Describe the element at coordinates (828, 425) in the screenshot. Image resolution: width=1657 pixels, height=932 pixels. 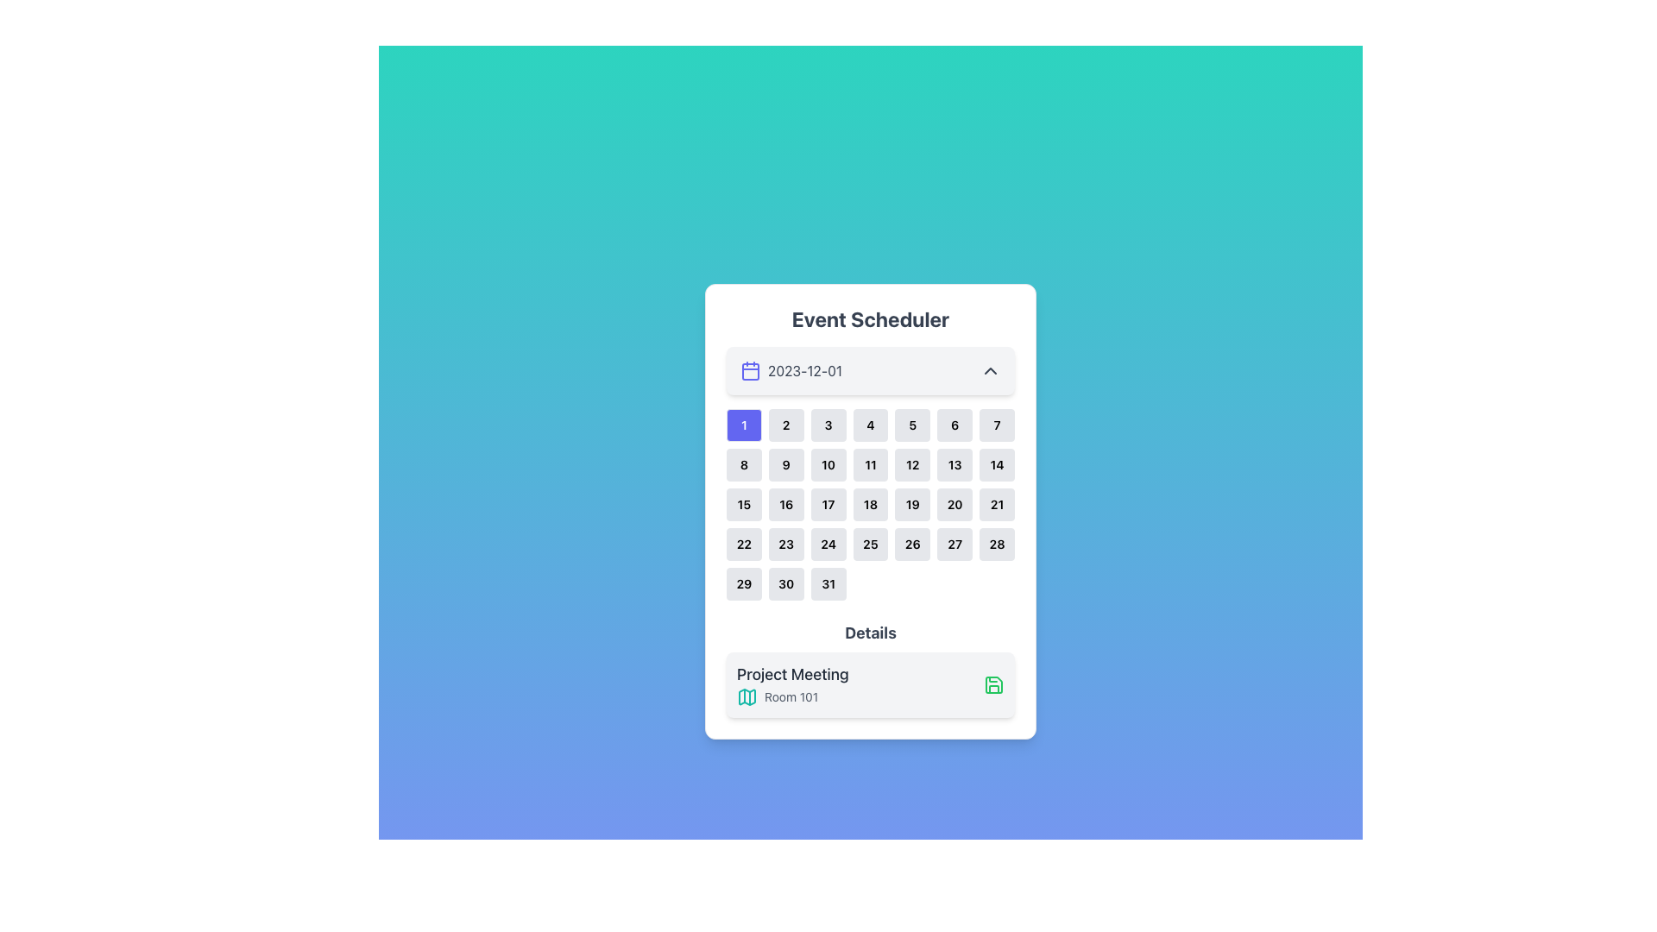
I see `the small square button with the text '3' in the center, located in the first row, third column of the calendar grid` at that location.